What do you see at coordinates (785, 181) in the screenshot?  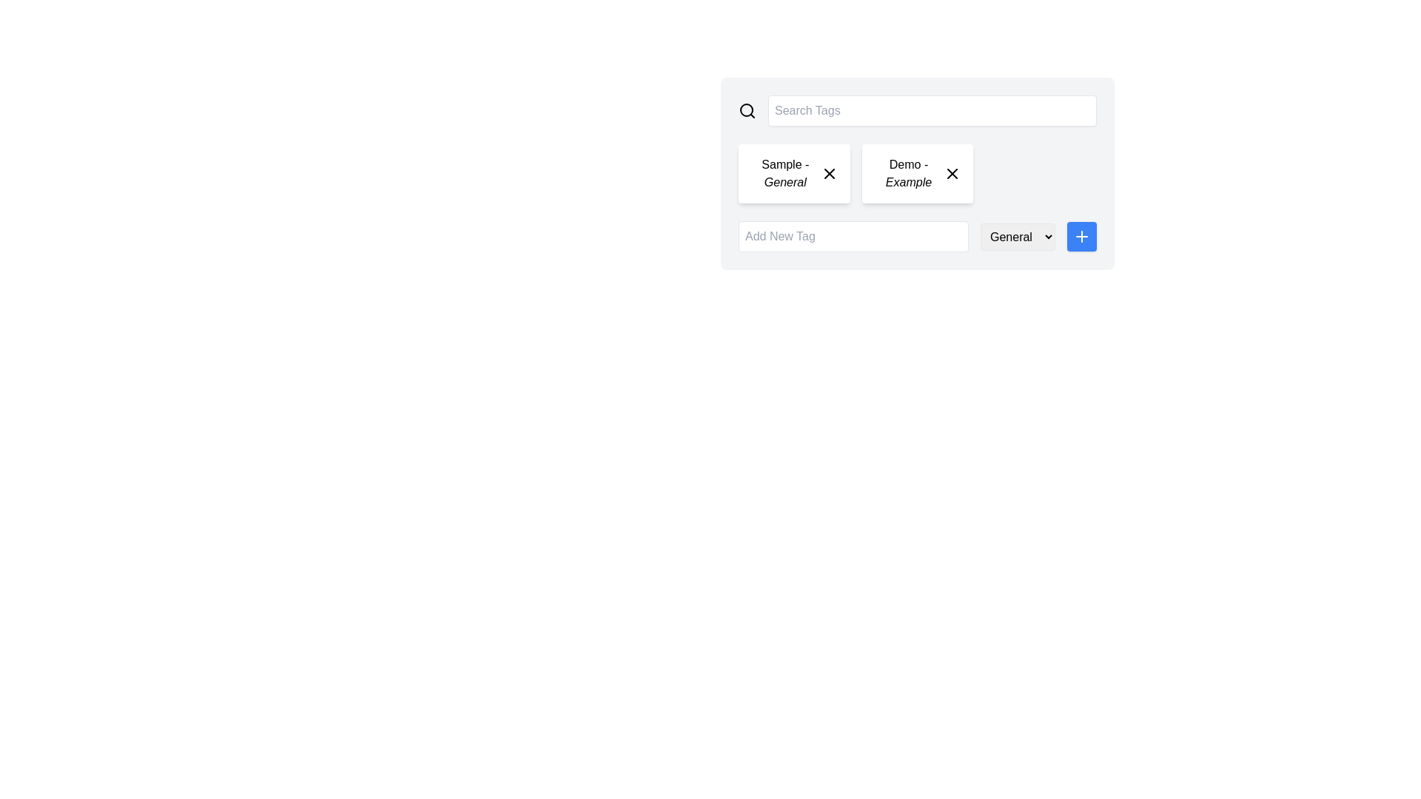 I see `the text label displaying 'General' within the 'Sample - General' tag located near the top-center of the user interface` at bounding box center [785, 181].